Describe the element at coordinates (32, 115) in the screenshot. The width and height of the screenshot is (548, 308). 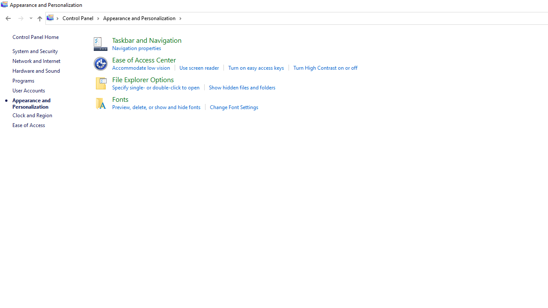
I see `'Clock and Region'` at that location.